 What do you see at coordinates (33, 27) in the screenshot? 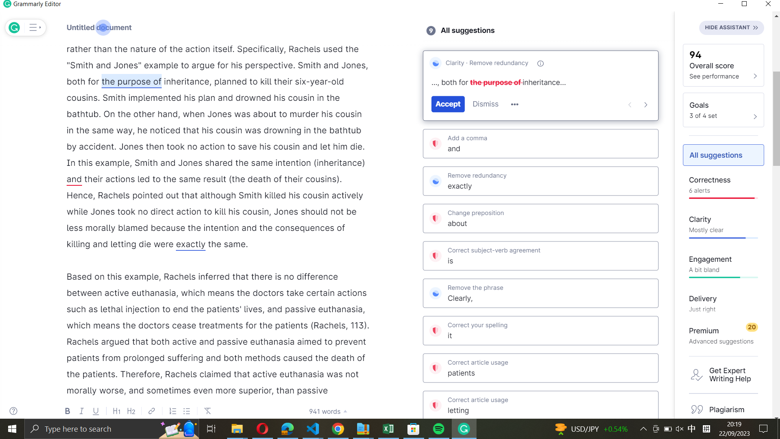
I see `Show more of Grammarly"s recommendations` at bounding box center [33, 27].